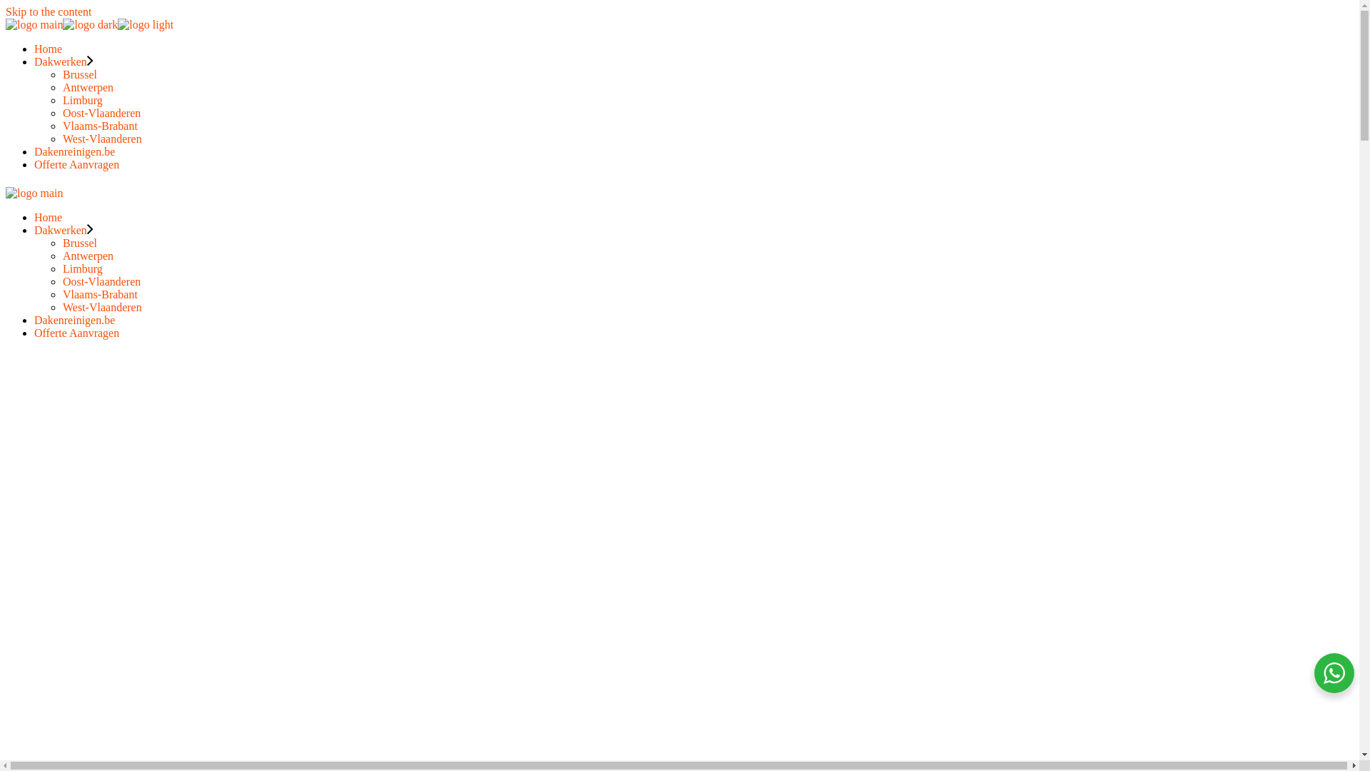 This screenshot has height=771, width=1370. Describe the element at coordinates (61, 125) in the screenshot. I see `'Vlaams-Brabant'` at that location.